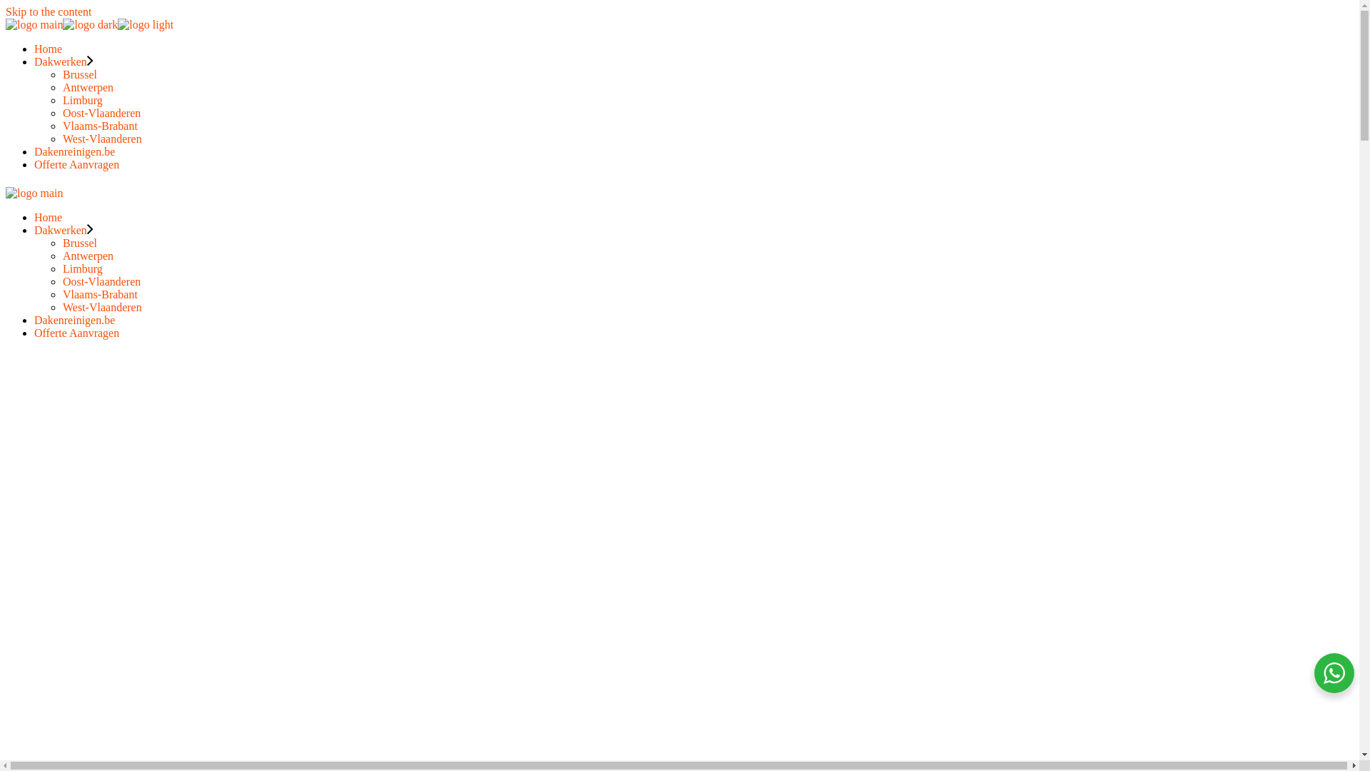 This screenshot has height=771, width=1370. Describe the element at coordinates (61, 125) in the screenshot. I see `'Vlaams-Brabant'` at that location.